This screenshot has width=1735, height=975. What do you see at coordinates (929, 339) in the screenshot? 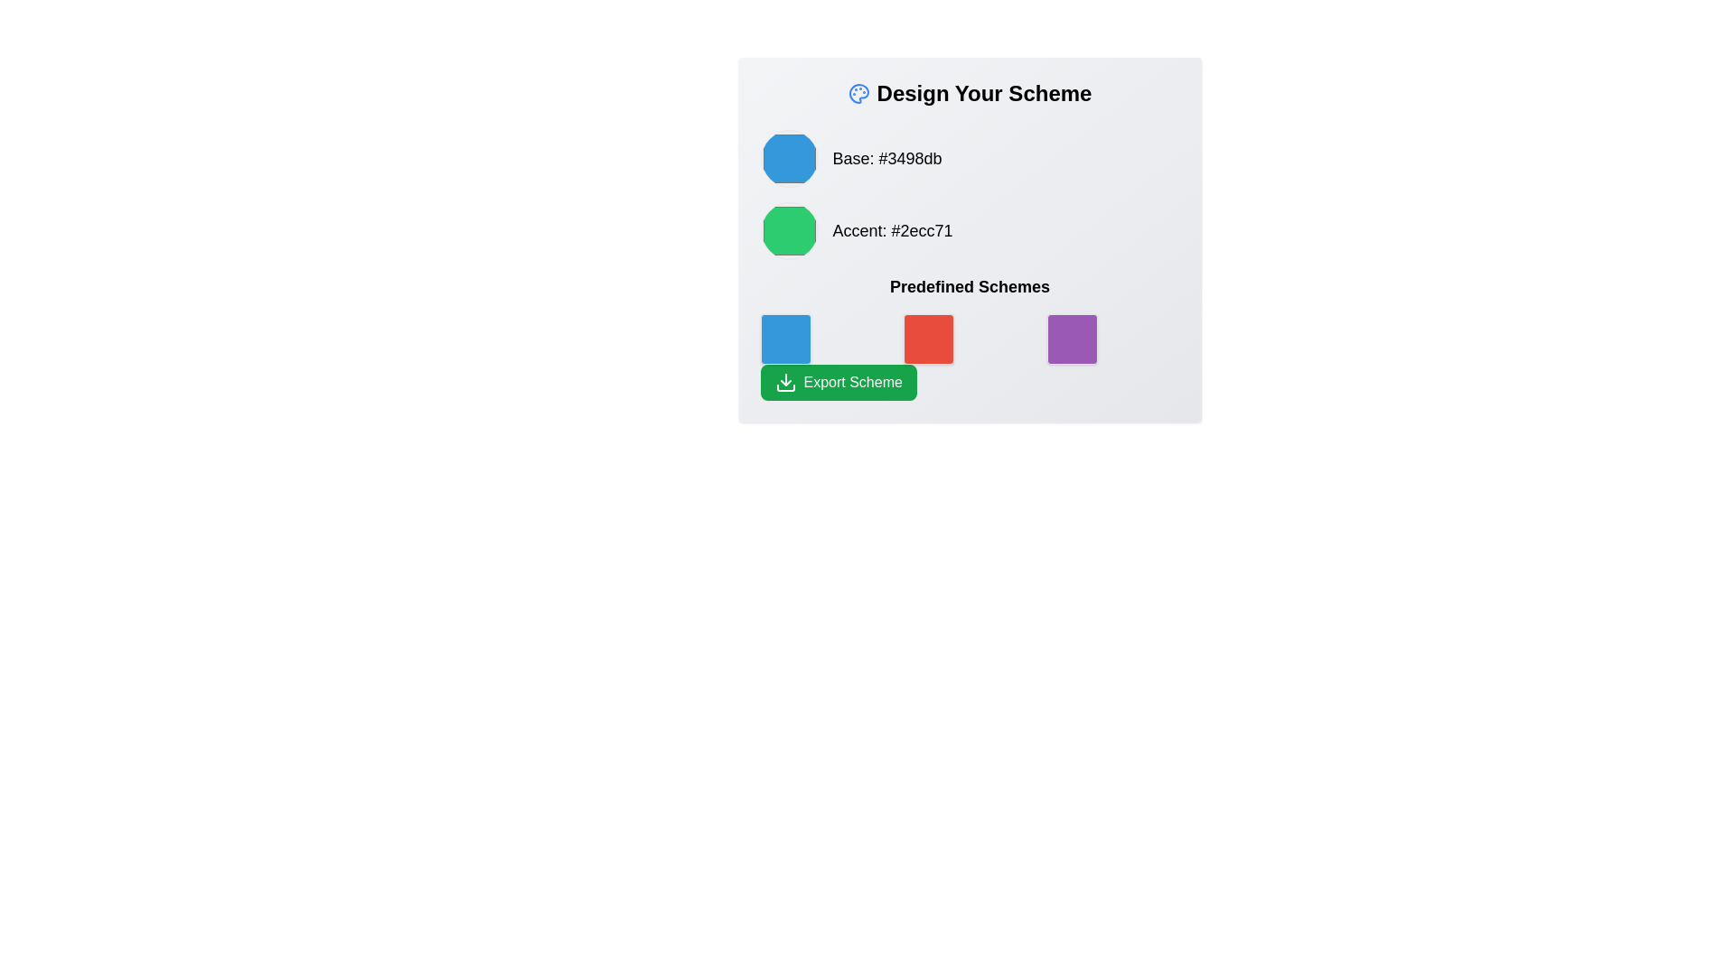
I see `the second colored square in the 'Predefined Schemes' section` at bounding box center [929, 339].